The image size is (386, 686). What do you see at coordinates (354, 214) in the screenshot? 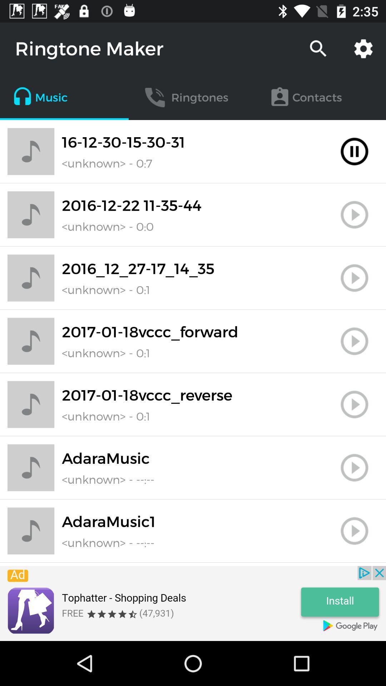
I see `play` at bounding box center [354, 214].